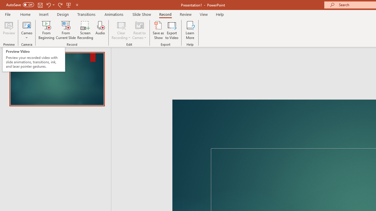 The image size is (376, 211). I want to click on 'Export to Video', so click(172, 30).